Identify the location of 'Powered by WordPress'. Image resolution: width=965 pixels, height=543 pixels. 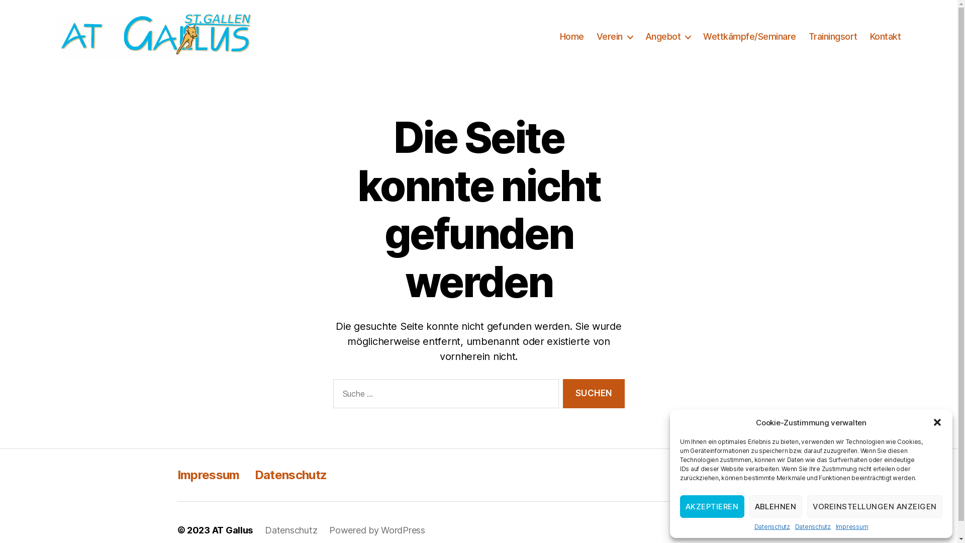
(376, 529).